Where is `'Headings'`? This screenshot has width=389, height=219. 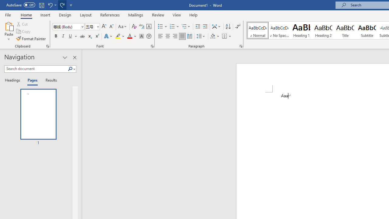
'Headings' is located at coordinates (14, 80).